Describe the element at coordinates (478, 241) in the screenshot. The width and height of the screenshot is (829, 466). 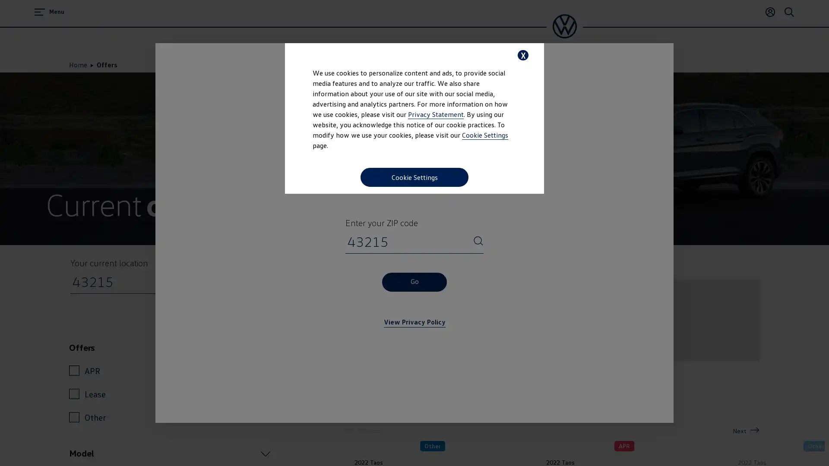
I see `Enter your ZIP code 43215` at that location.